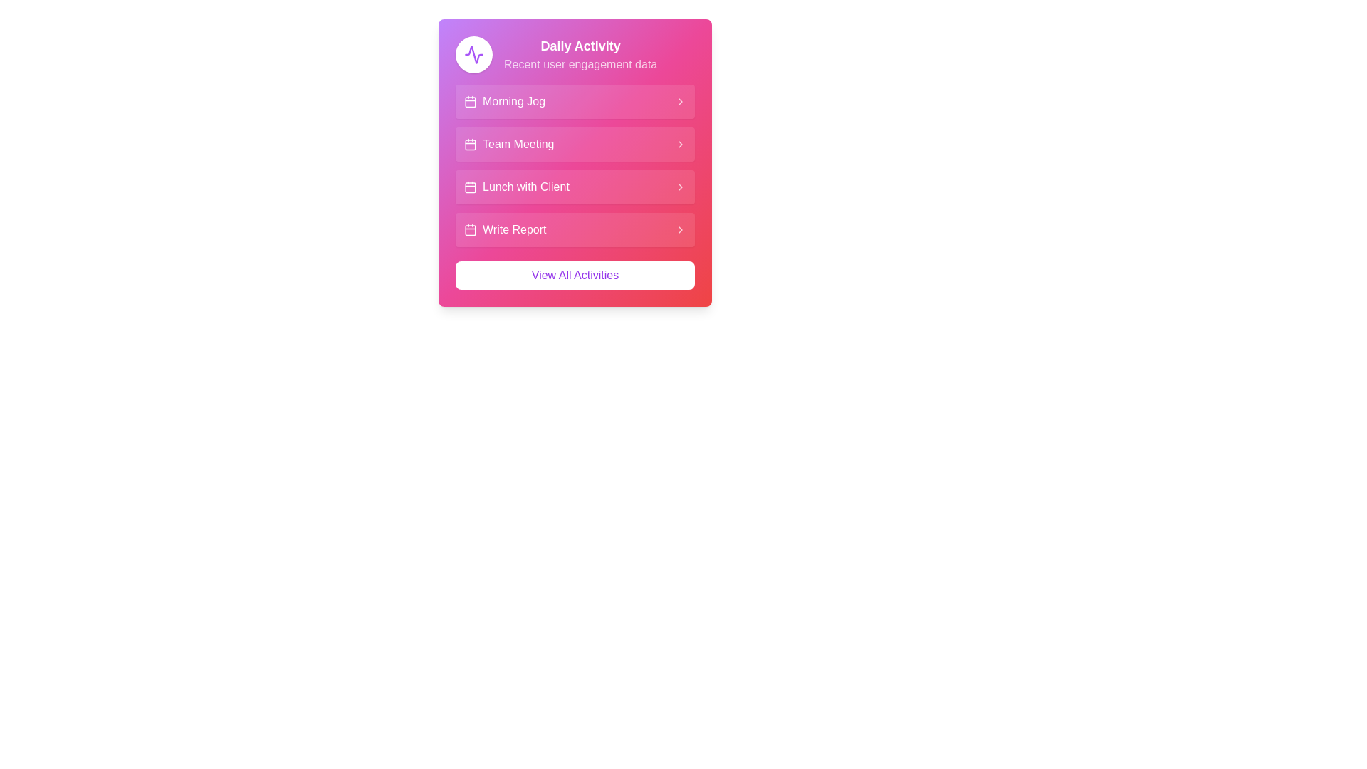  What do you see at coordinates (505, 100) in the screenshot?
I see `text label indicating 'Morning Jog', which is positioned to the right of a calendar icon and below the 'Daily Activity' header` at bounding box center [505, 100].